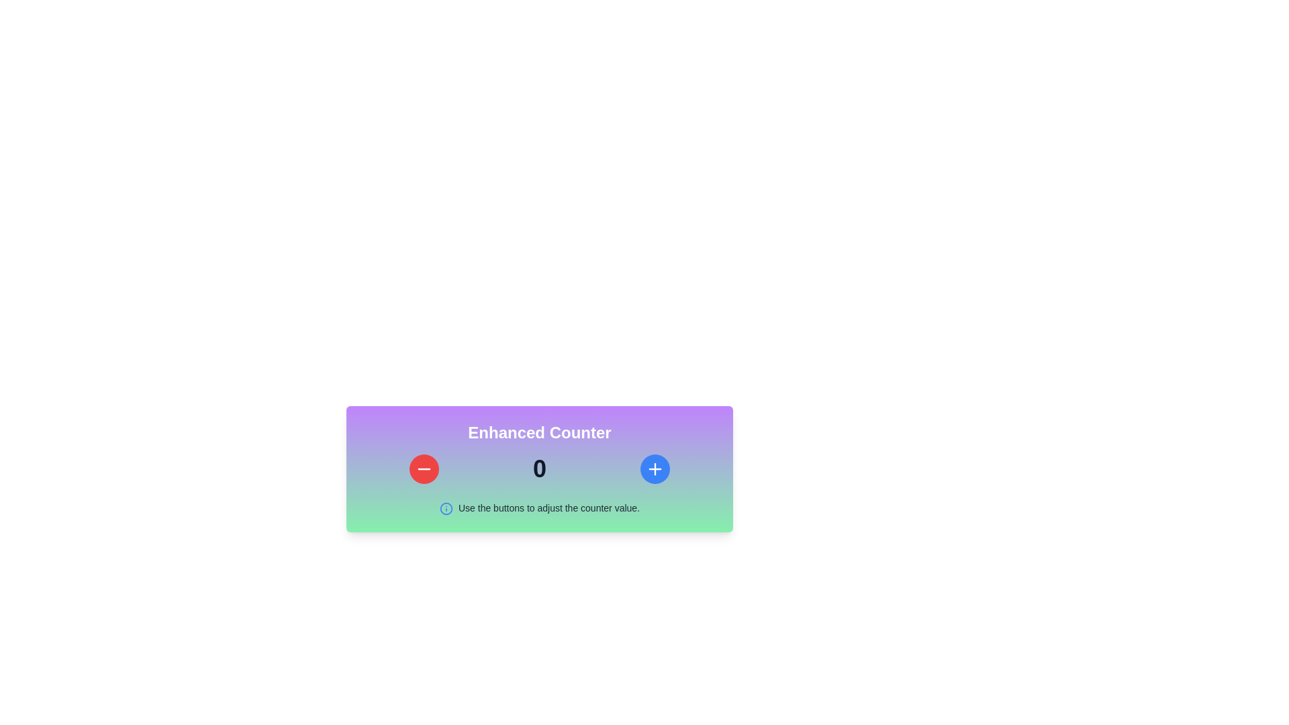  Describe the element at coordinates (539, 468) in the screenshot. I see `the Text display that shows the current value of a counter, located between two buttons for decreasing and increasing the count` at that location.